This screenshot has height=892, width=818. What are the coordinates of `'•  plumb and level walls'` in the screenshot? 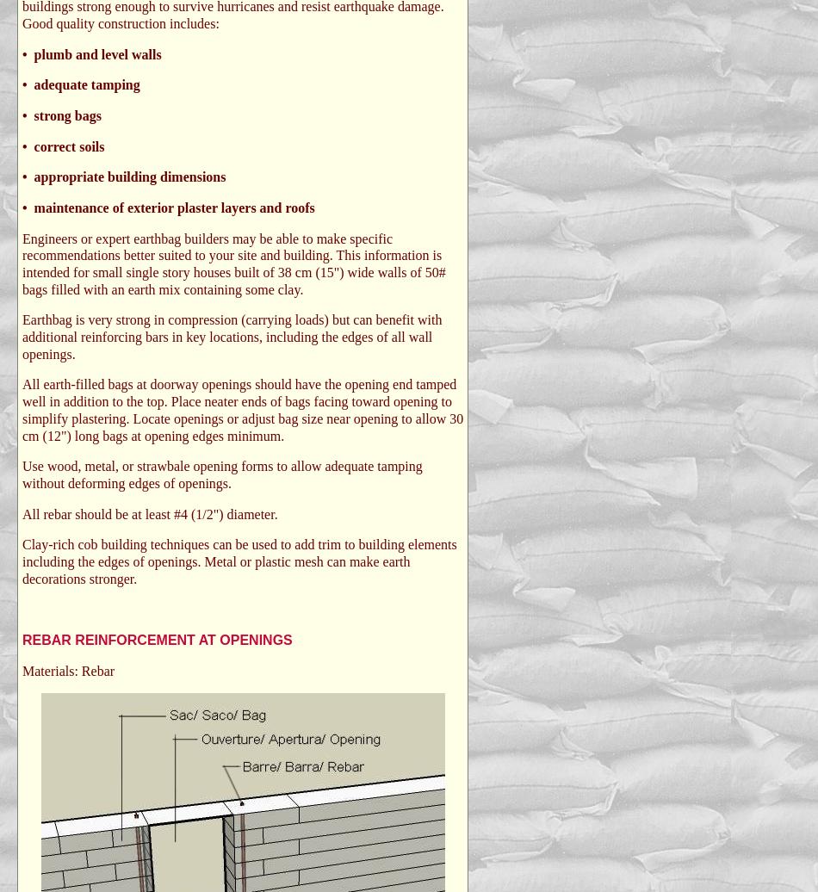 It's located at (91, 53).